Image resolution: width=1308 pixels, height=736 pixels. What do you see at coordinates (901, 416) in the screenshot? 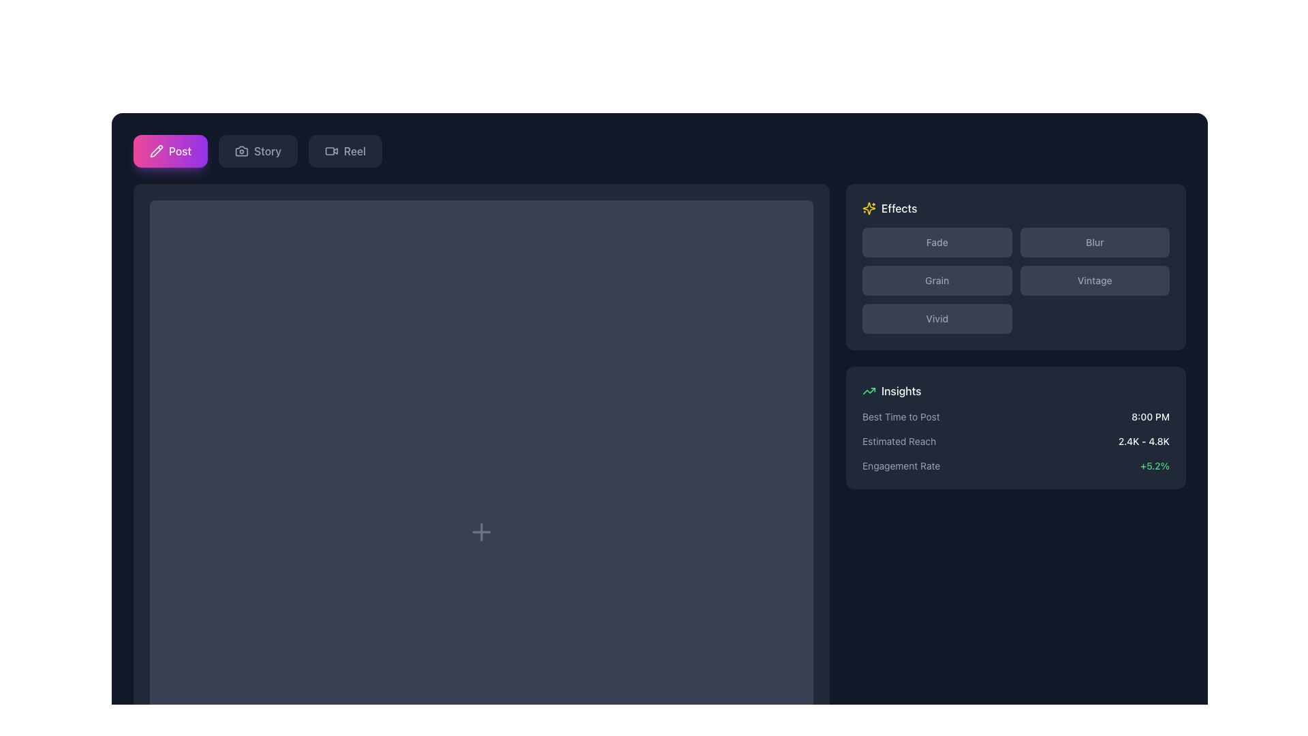
I see `text label that displays 'Best Time to Post', which is located on the right side of the interface under the 'Insights' heading` at bounding box center [901, 416].